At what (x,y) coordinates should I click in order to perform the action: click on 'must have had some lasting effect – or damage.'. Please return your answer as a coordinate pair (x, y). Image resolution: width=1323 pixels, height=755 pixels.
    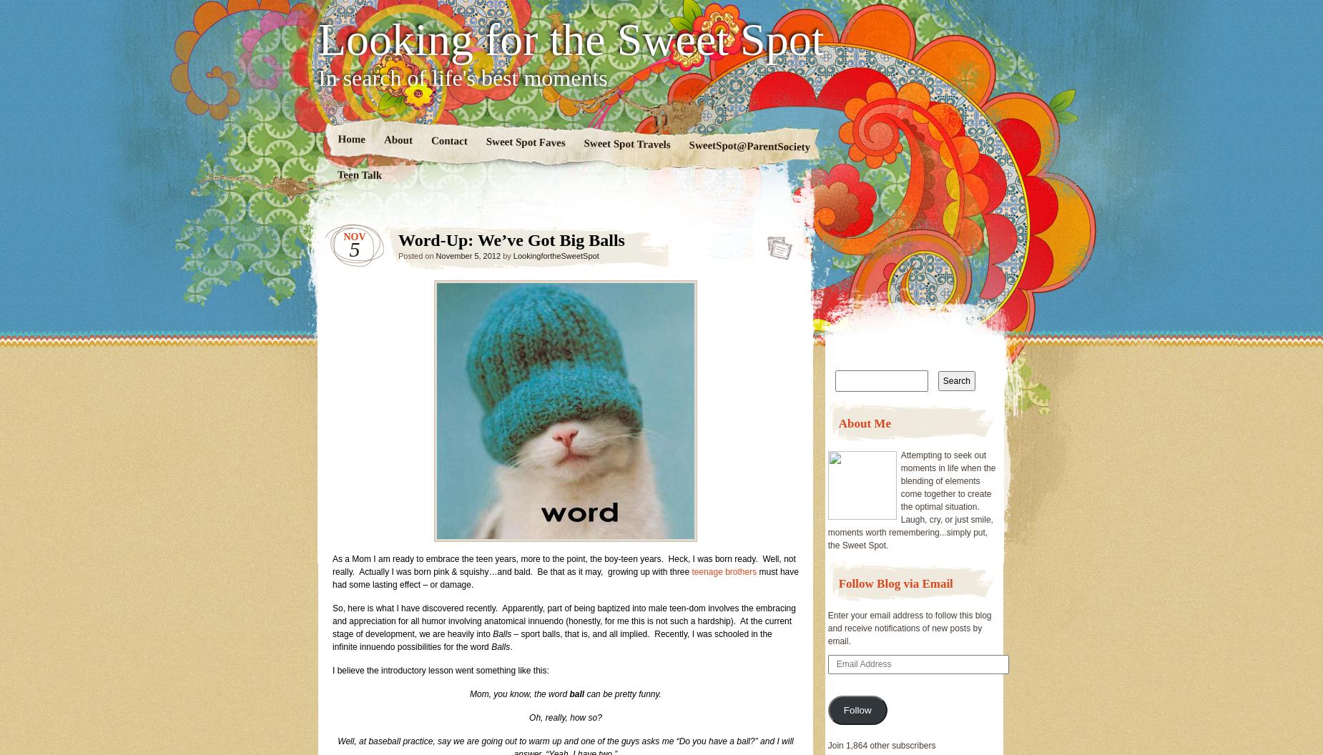
    Looking at the image, I should click on (565, 578).